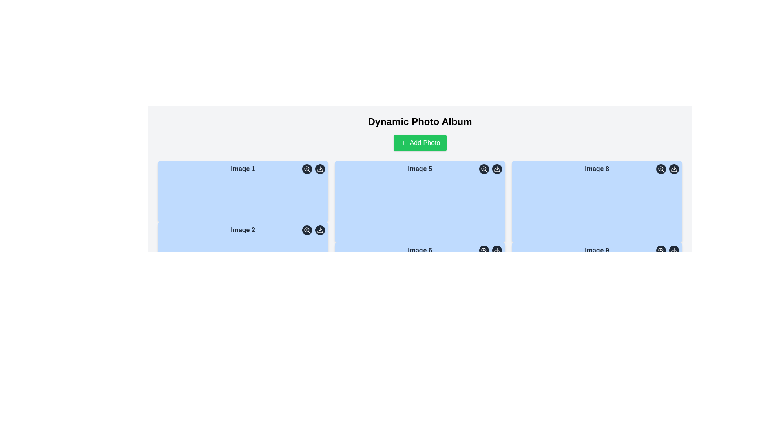 This screenshot has height=440, width=783. What do you see at coordinates (597, 250) in the screenshot?
I see `the text label identifying 'Image 9', located in the lower right card of the third column in a grid layout` at bounding box center [597, 250].